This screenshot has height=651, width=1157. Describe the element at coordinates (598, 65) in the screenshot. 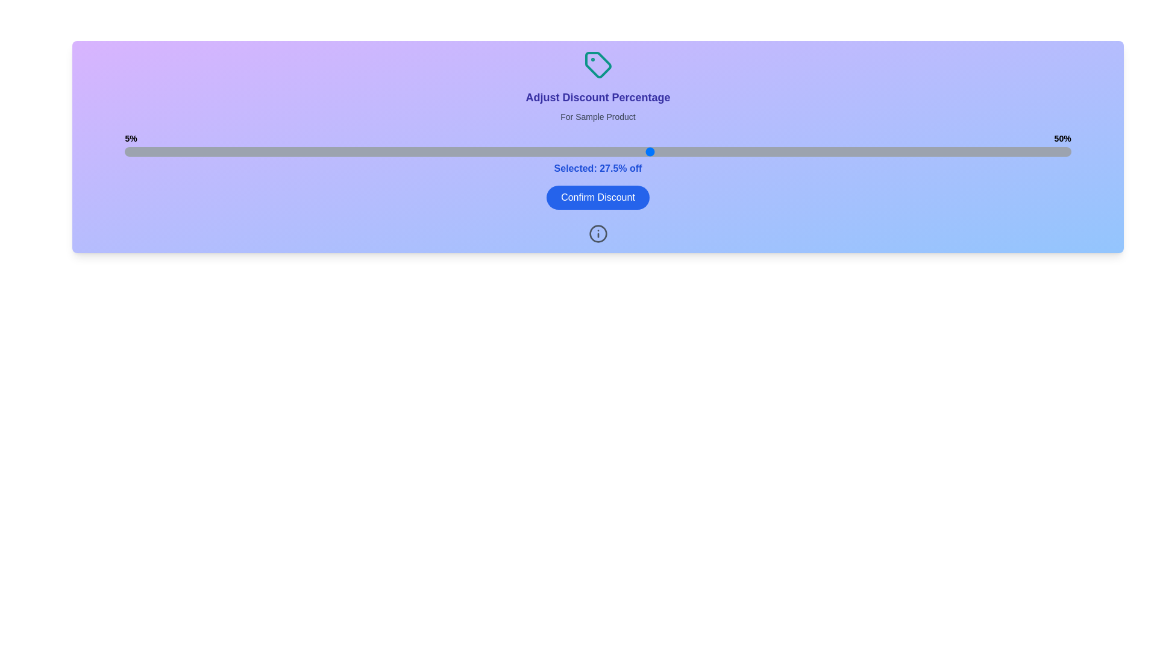

I see `the prominent tag-shaped icon with a teal stroke located at the top of the card interface, above the title 'Adjust Discount Percentage.'` at that location.